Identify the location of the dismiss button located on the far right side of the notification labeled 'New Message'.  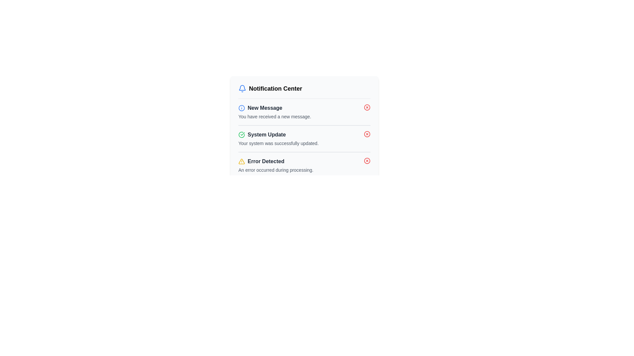
(367, 107).